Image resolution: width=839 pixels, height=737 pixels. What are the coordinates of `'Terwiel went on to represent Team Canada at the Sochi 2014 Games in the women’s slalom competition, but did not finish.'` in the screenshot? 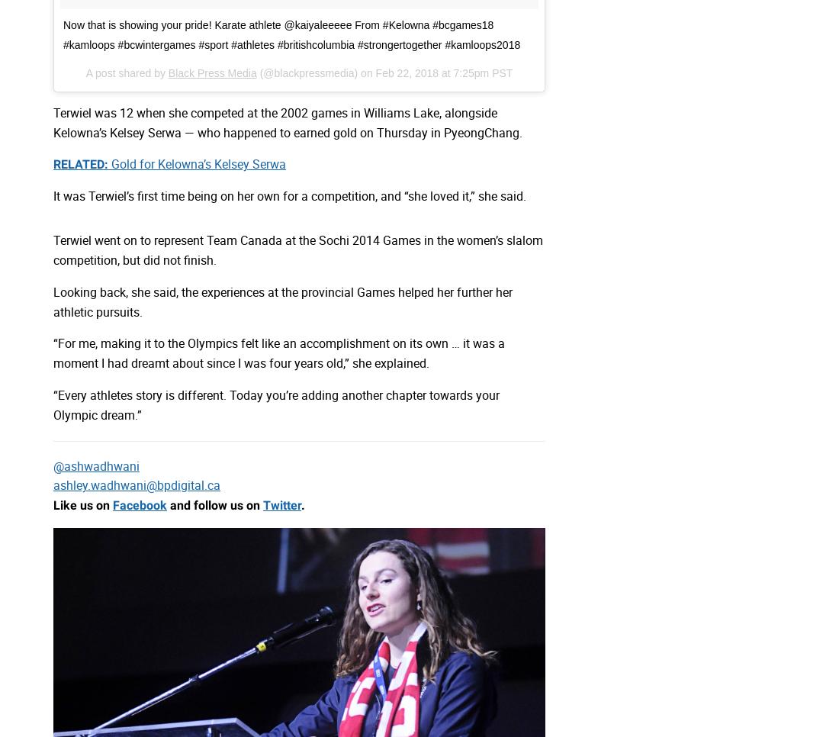 It's located at (298, 249).